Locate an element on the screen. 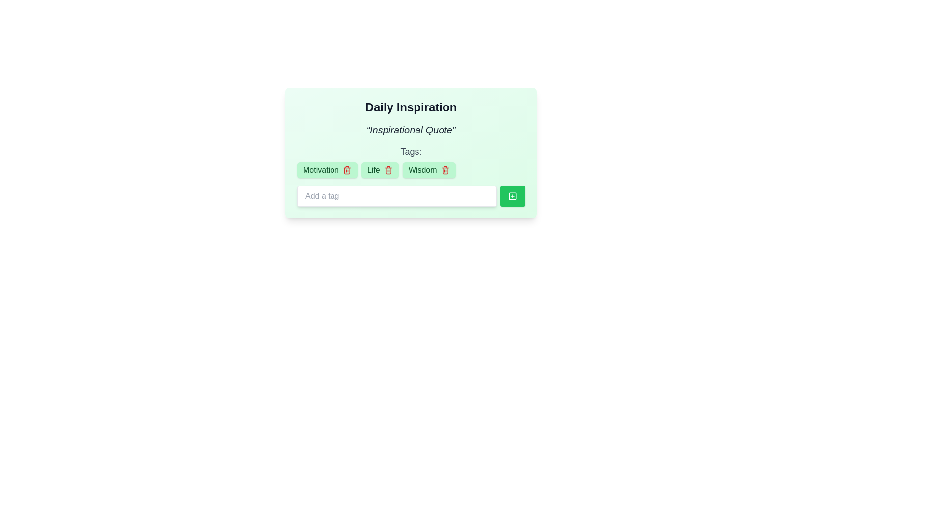  the 'Motivation' tag element, which includes an interactive delete icon, located in the 'Tags' section of the interface is located at coordinates (327, 170).